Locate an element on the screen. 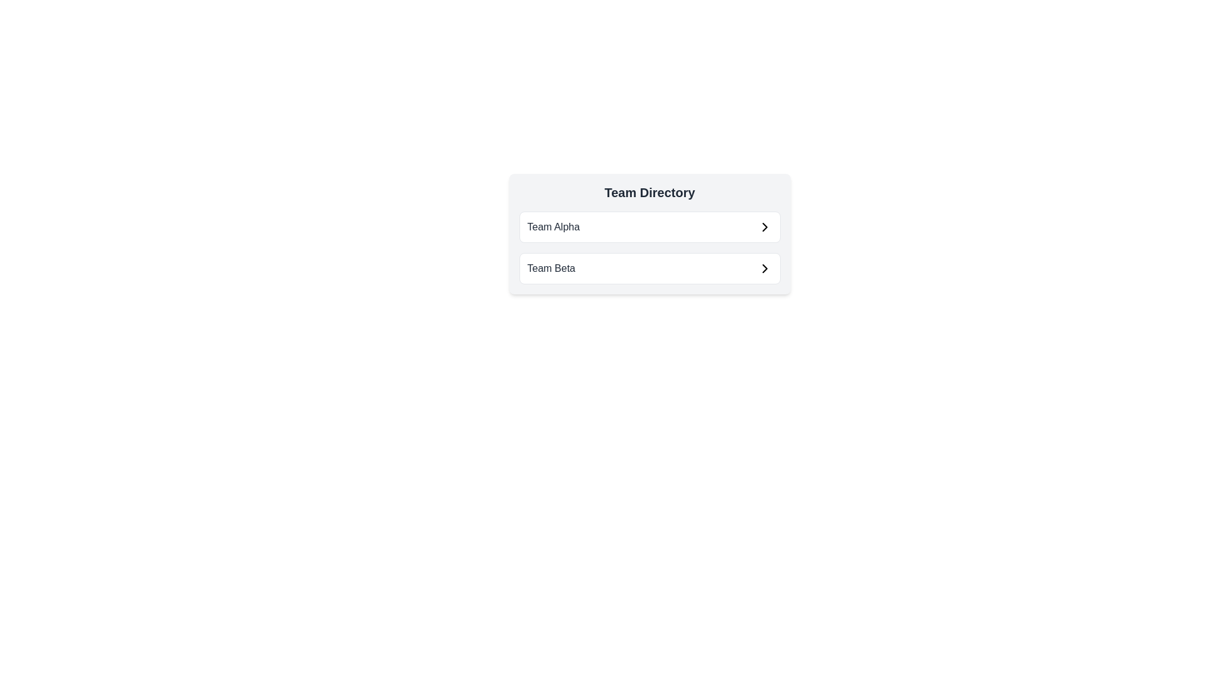 This screenshot has width=1206, height=678. text content of the label displaying 'Team Alpha', which is styled with a medium-weight sans-serif font in dark gray, located at the top left of the Team Directory card is located at coordinates (553, 227).